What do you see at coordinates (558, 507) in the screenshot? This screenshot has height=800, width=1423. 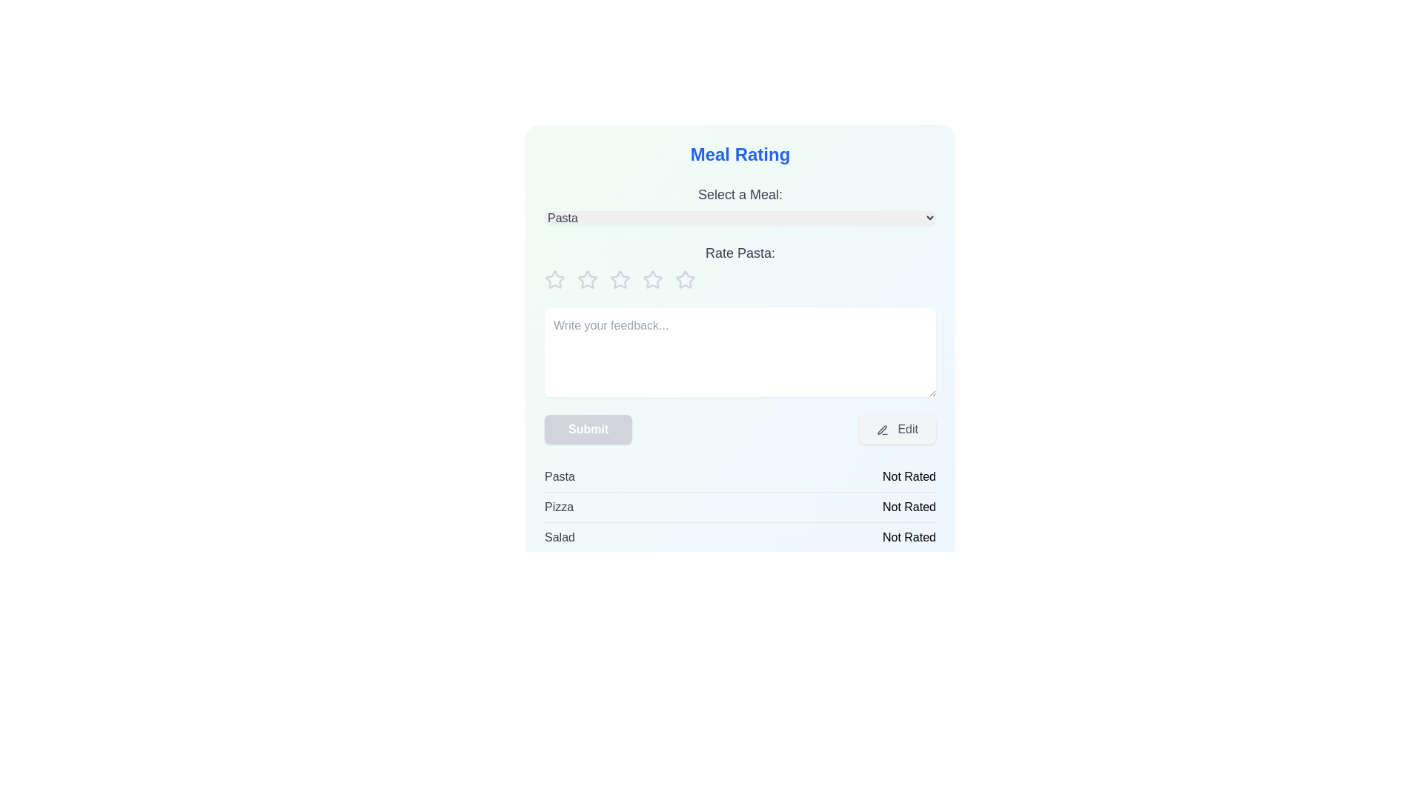 I see `the text label displaying 'Pizza' that is grayish in color and aligned to the left within a row layout, adjacent to another text labeled 'Not Rated'` at bounding box center [558, 507].